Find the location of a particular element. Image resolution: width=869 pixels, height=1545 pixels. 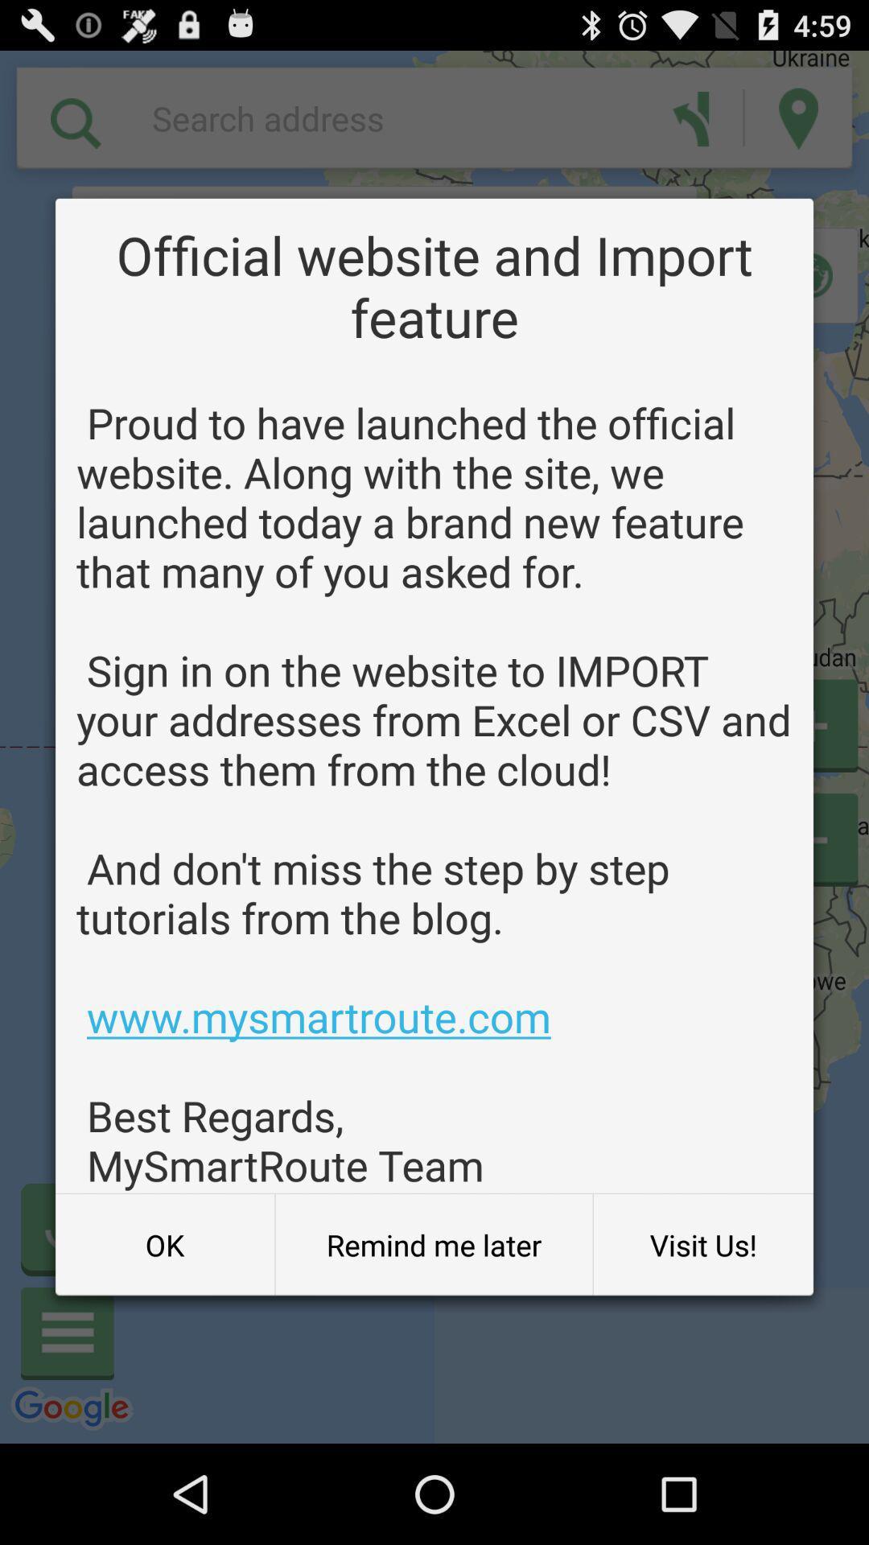

item next to ok item is located at coordinates (433, 1244).